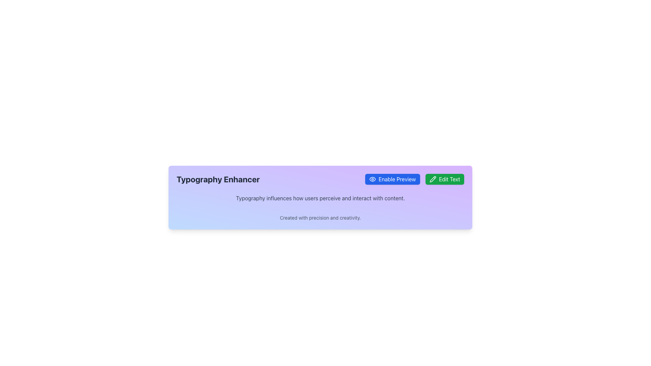 This screenshot has height=366, width=651. Describe the element at coordinates (218, 179) in the screenshot. I see `the Text Label that serves as a header or title, located to the left of the 'Enable Preview' and 'Edit Text' buttons` at that location.